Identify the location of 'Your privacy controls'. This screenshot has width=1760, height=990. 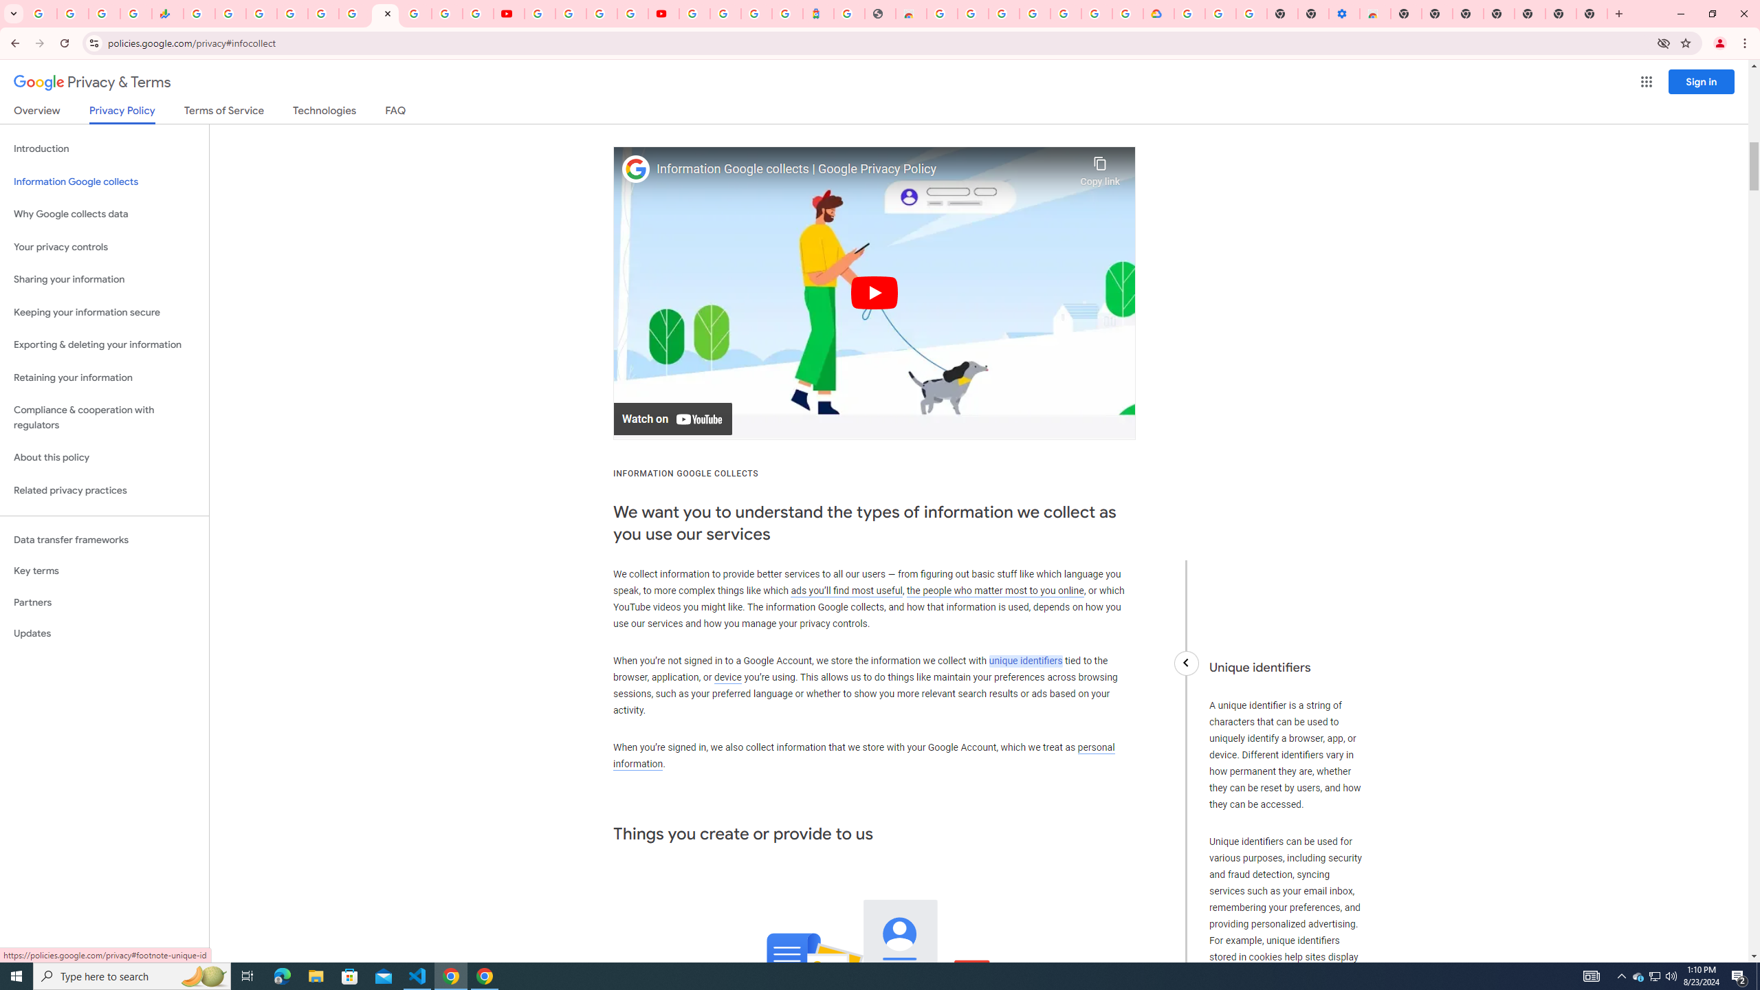
(104, 247).